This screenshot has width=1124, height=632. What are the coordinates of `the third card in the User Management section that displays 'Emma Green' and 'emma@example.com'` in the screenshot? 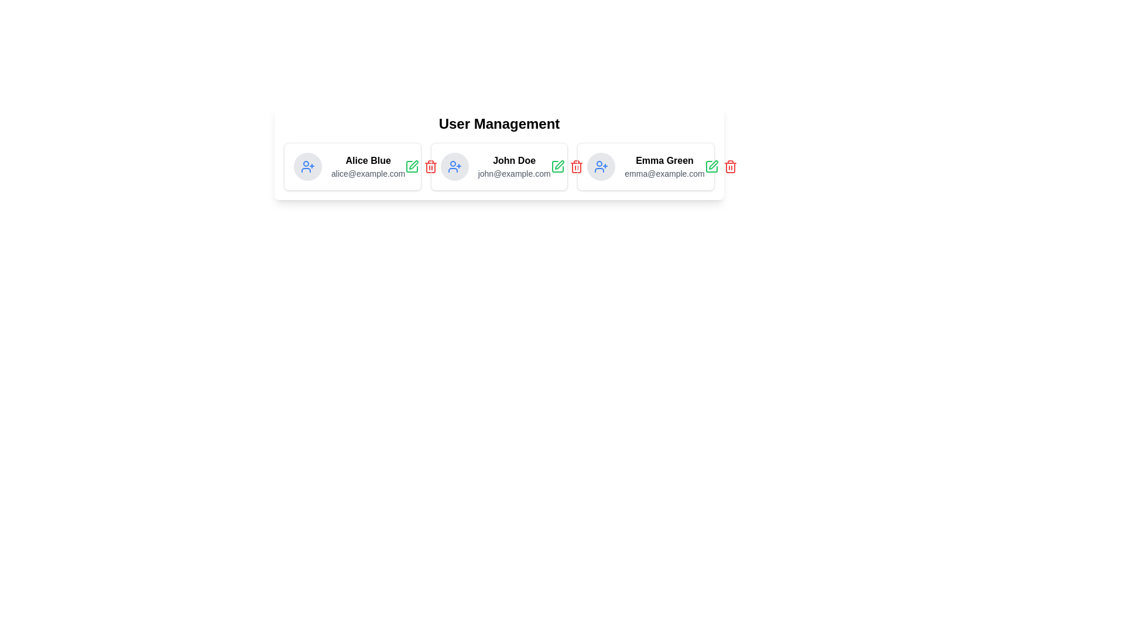 It's located at (645, 167).